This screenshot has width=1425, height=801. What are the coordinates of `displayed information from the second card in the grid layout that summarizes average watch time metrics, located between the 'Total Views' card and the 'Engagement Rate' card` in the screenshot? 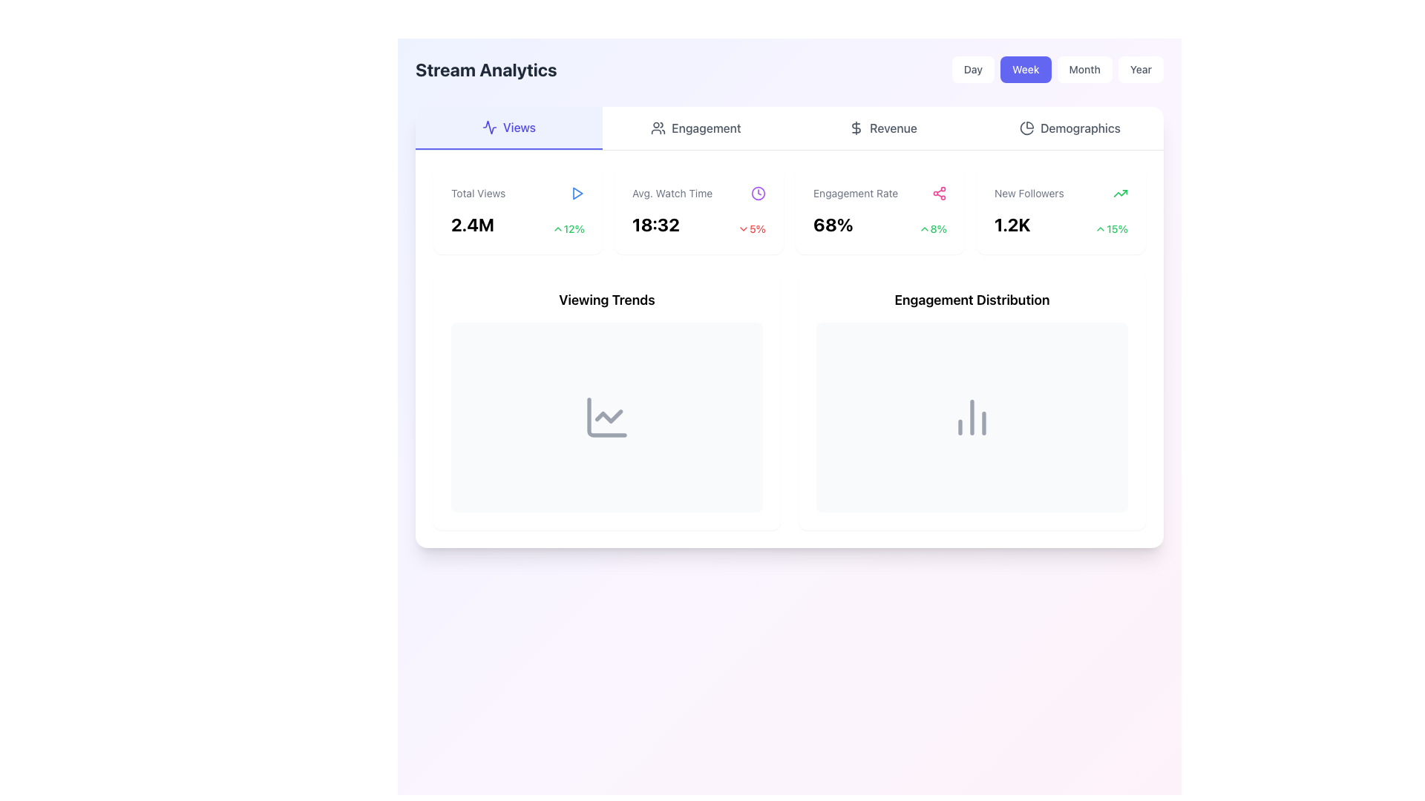 It's located at (698, 211).